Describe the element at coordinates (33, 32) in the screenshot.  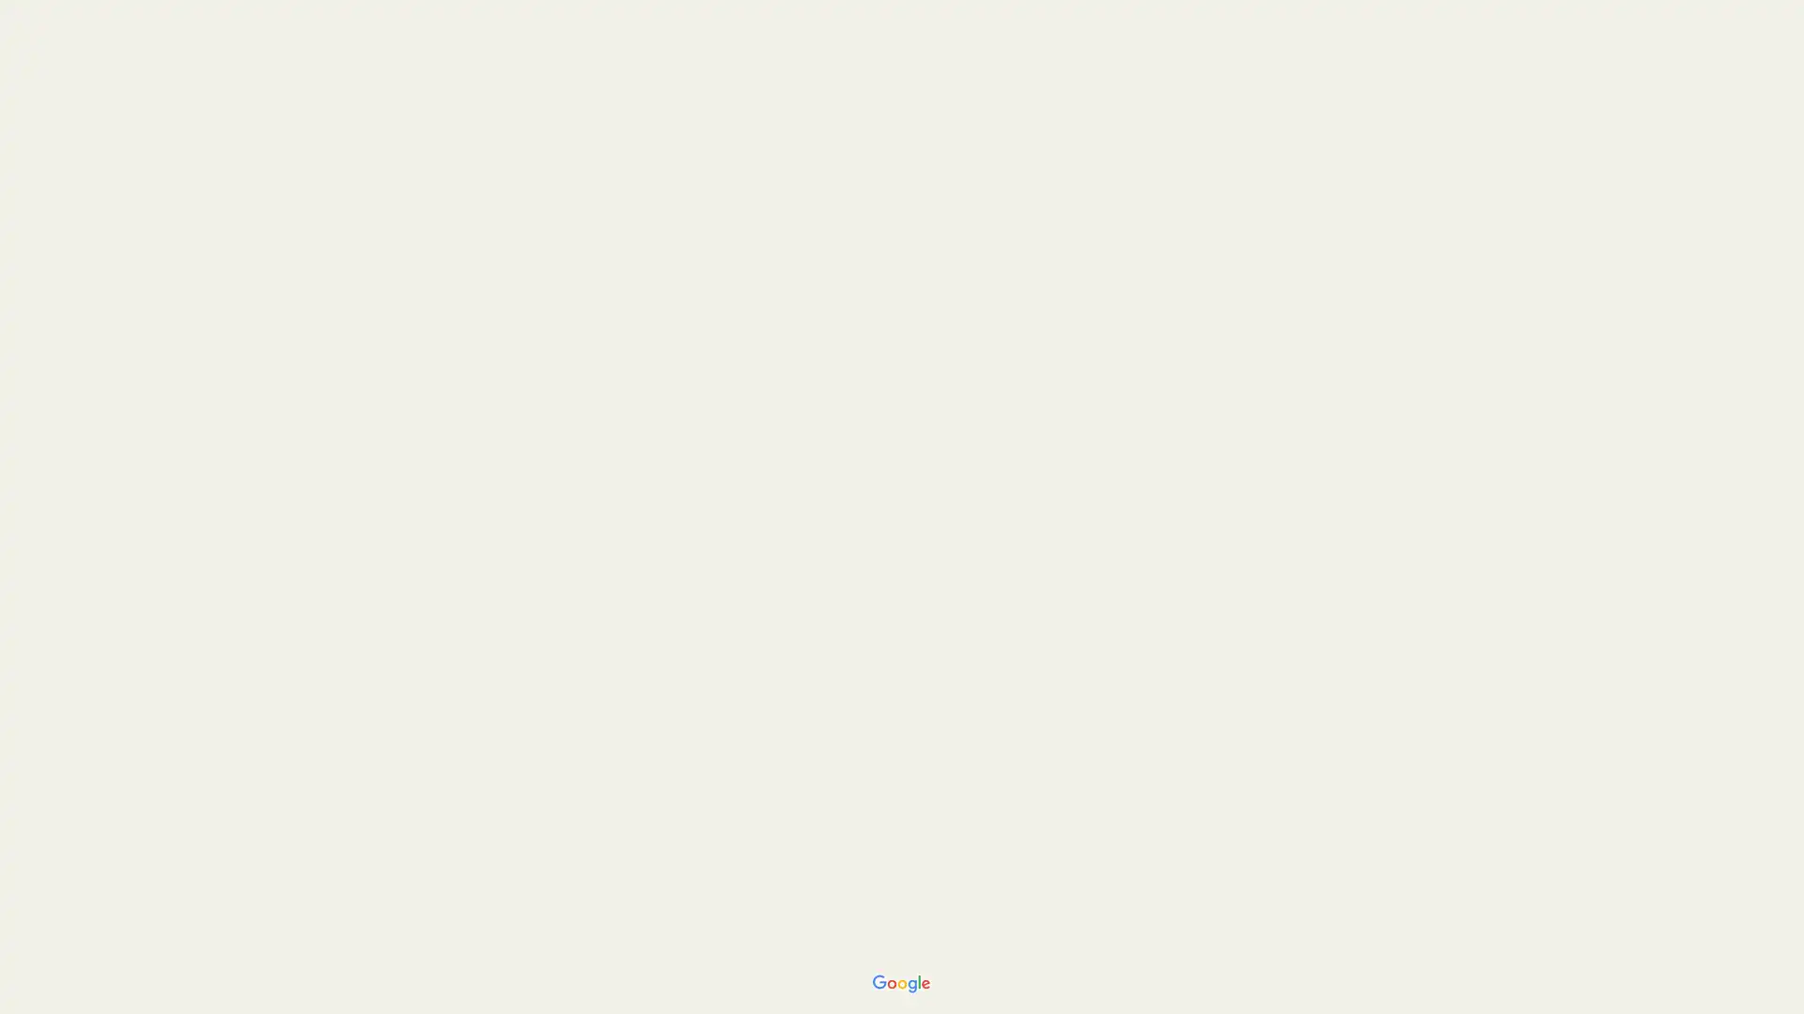
I see `Menu` at that location.